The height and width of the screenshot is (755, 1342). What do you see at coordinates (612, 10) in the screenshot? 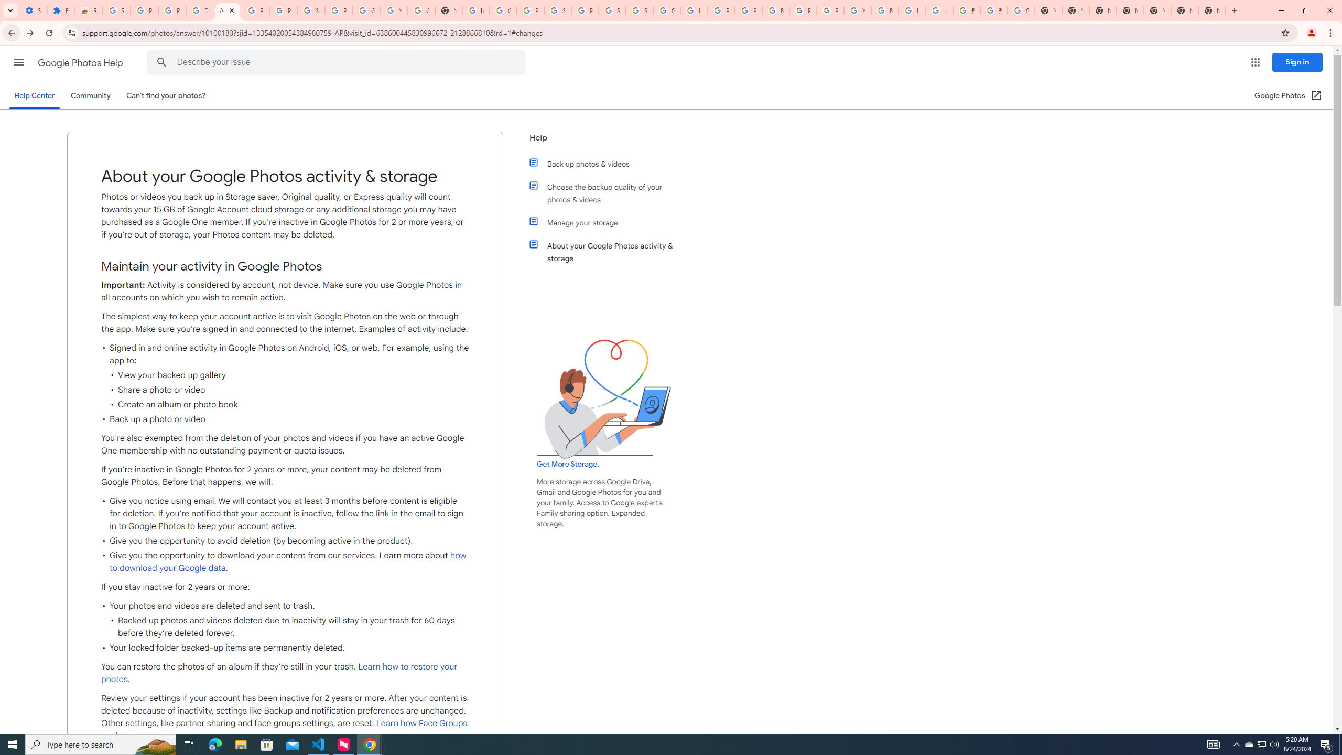
I see `'Sign in - Google Accounts'` at bounding box center [612, 10].